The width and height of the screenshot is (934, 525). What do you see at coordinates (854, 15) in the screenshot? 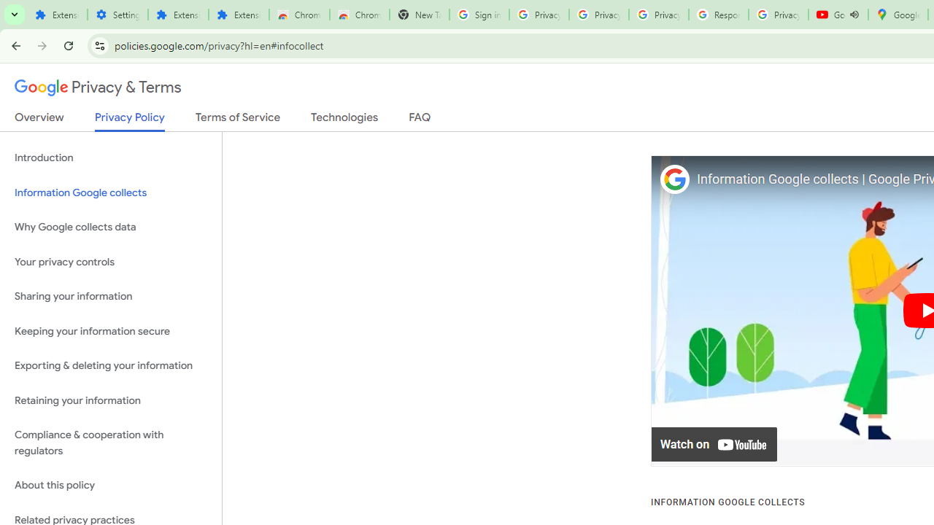
I see `'Mute tab'` at bounding box center [854, 15].